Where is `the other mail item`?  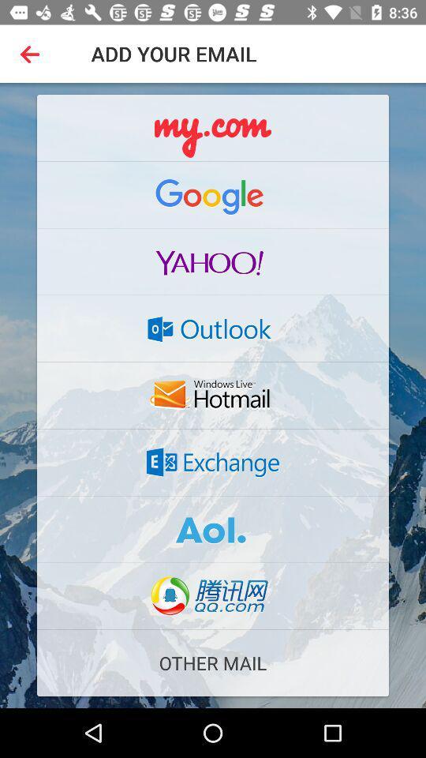 the other mail item is located at coordinates (213, 663).